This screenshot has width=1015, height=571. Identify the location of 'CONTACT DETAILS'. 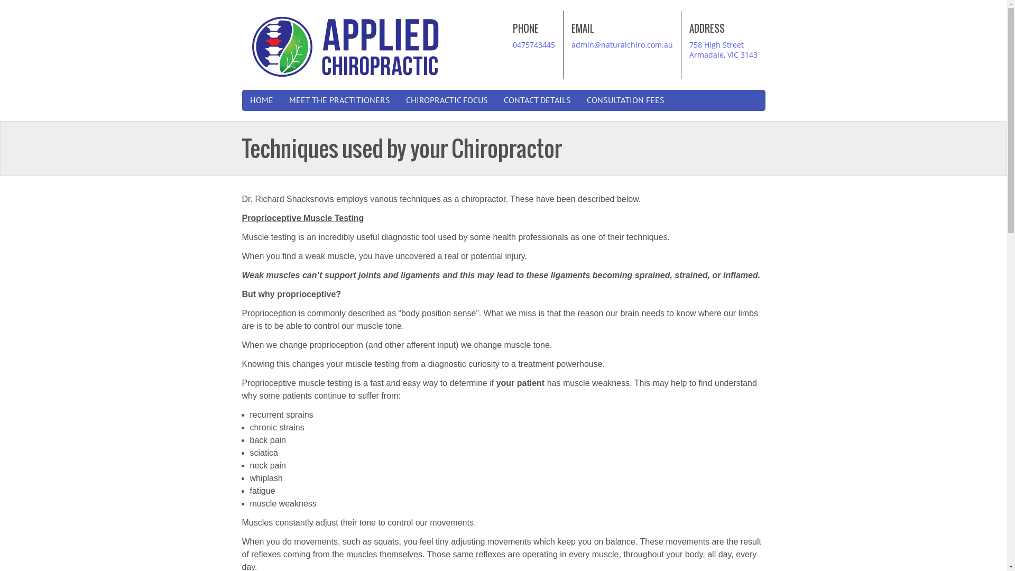
(537, 100).